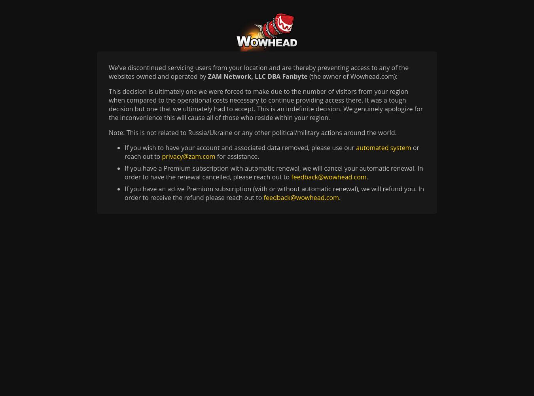 This screenshot has height=396, width=534. What do you see at coordinates (240, 147) in the screenshot?
I see `'If you wish to have your account and associated data removed, please use our'` at bounding box center [240, 147].